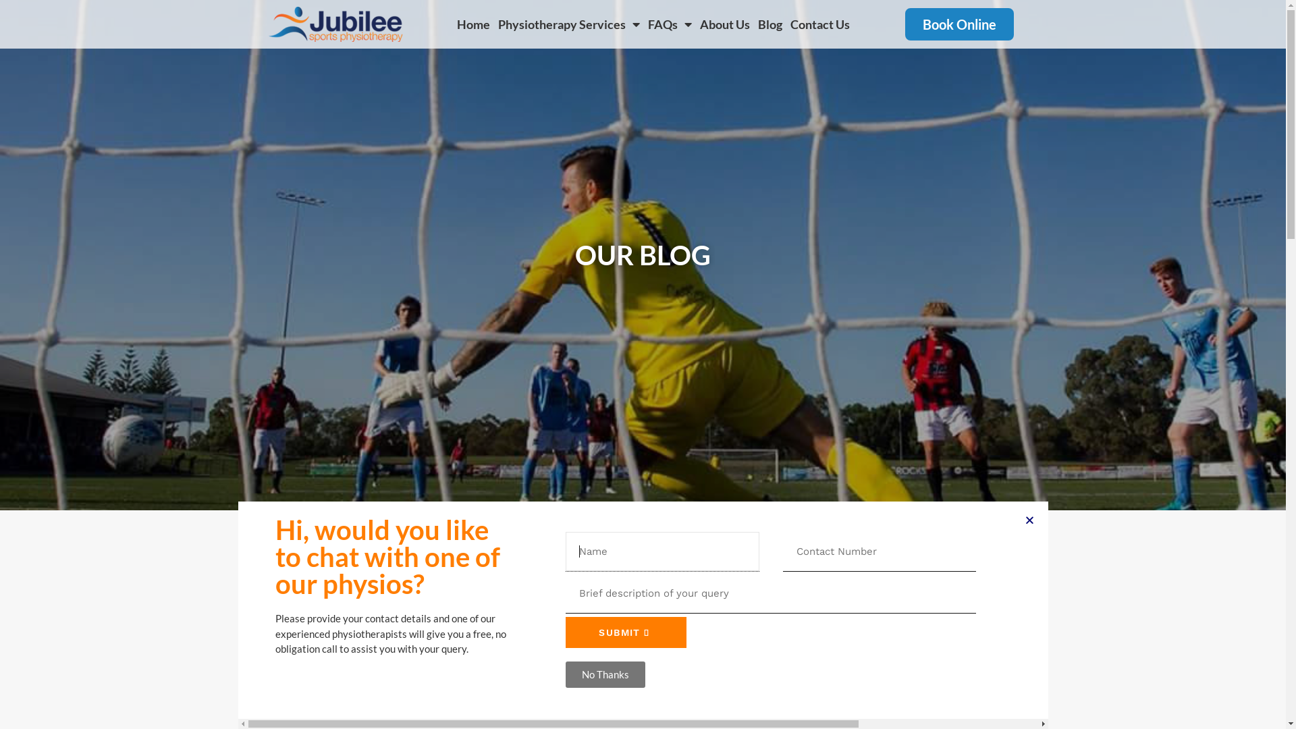 This screenshot has height=729, width=1296. I want to click on 'Home', so click(473, 24).